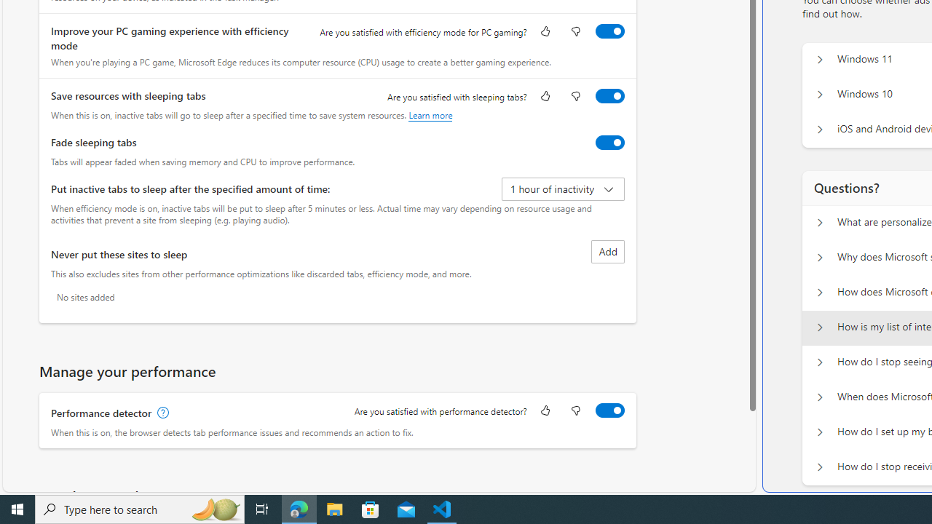 The width and height of the screenshot is (932, 524). What do you see at coordinates (544, 411) in the screenshot?
I see `'Like'` at bounding box center [544, 411].